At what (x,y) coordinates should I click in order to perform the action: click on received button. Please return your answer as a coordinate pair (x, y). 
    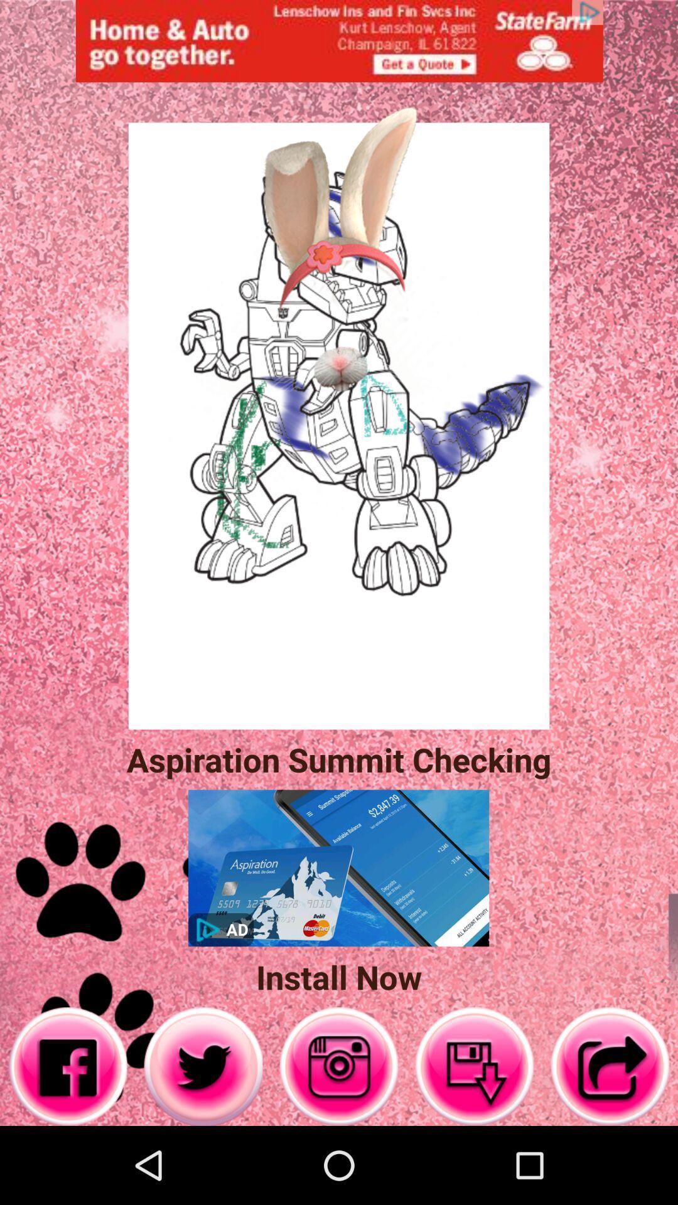
    Looking at the image, I should click on (475, 1066).